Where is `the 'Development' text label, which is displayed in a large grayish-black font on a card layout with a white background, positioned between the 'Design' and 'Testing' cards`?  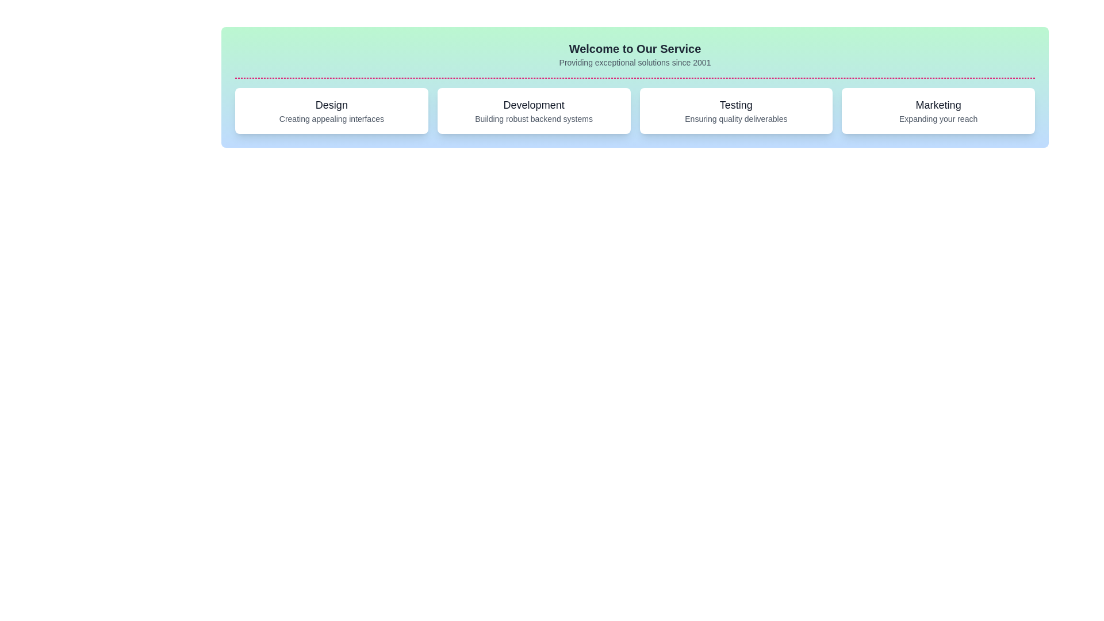
the 'Development' text label, which is displayed in a large grayish-black font on a card layout with a white background, positioned between the 'Design' and 'Testing' cards is located at coordinates (533, 105).